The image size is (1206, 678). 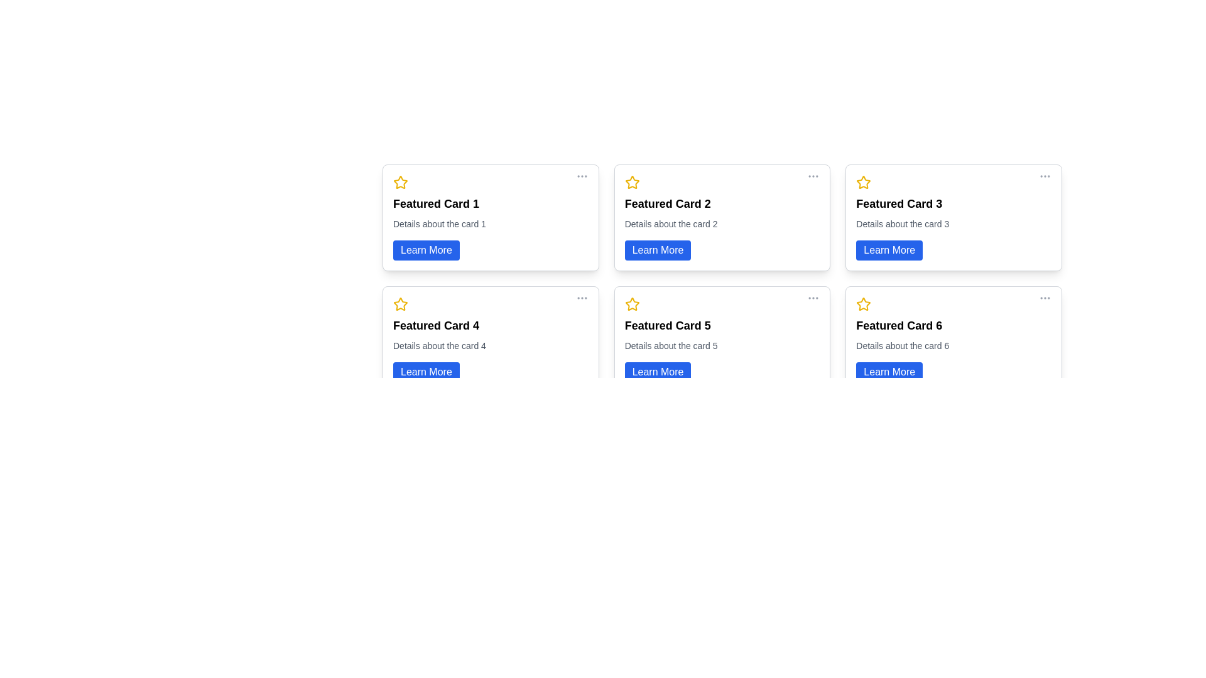 I want to click on bold text labeled 'Featured Card 6', which is the title of the rightmost card in the bottom row of the grid layout, so click(x=898, y=325).